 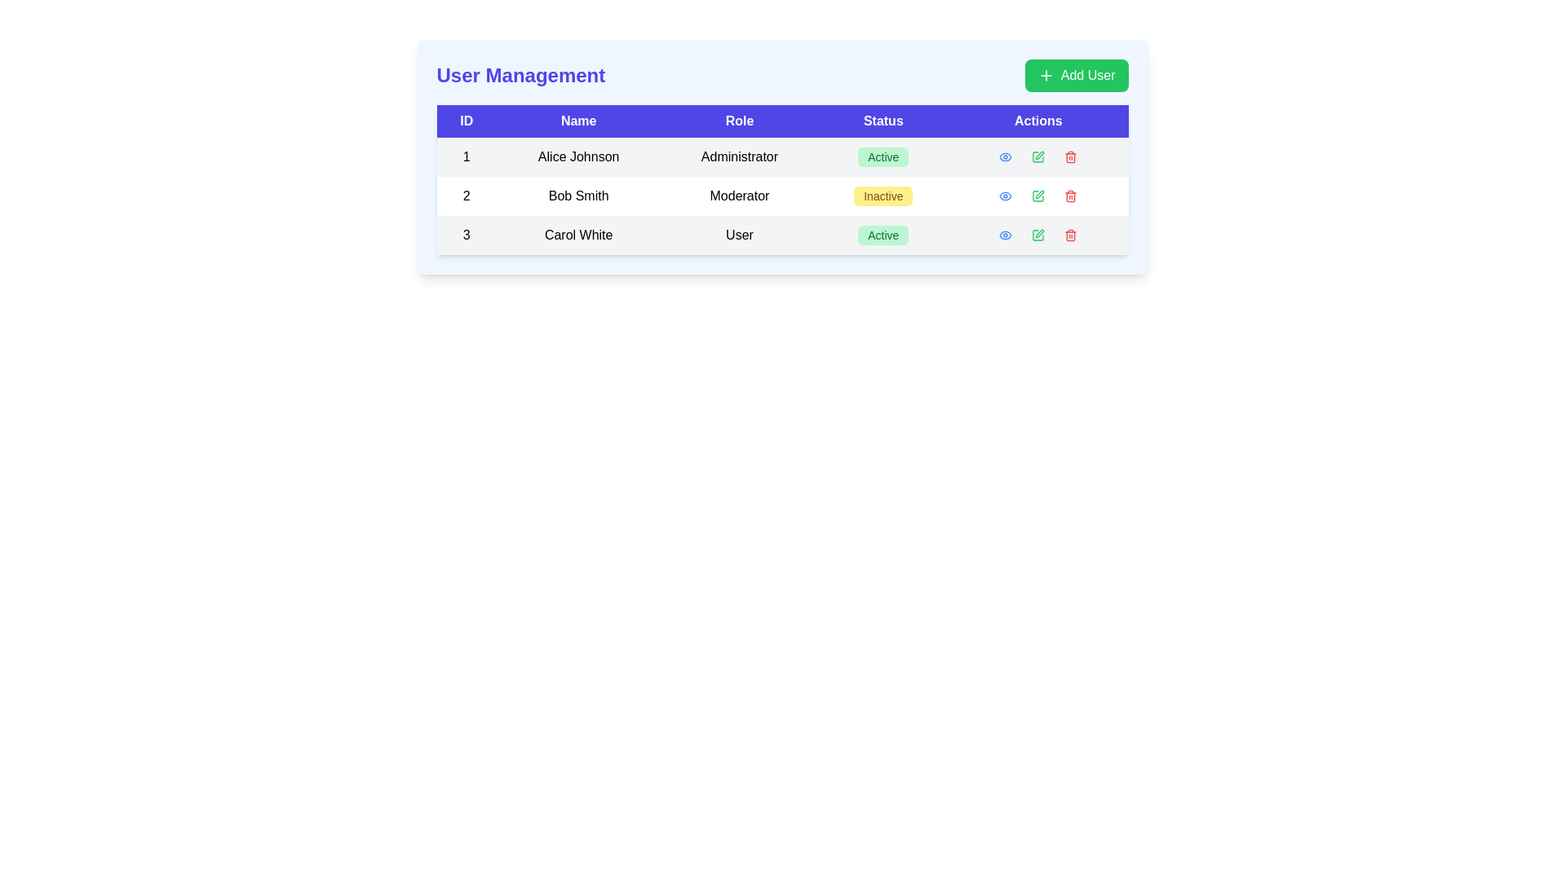 I want to click on the Text display in the second row of the table under the 'ID' column, which indicates the sequential number for the user entry 'Bob Smith', who is marked as 'Moderator' and 'Inactive', so click(x=466, y=195).